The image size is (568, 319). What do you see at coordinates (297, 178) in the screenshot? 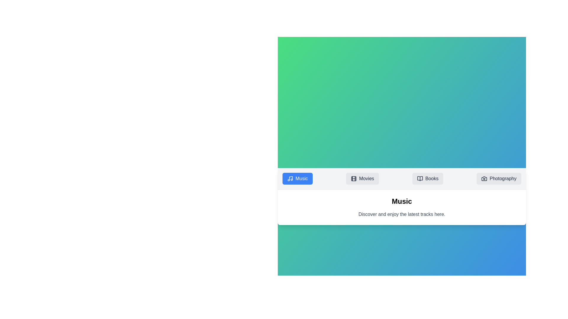
I see `the blue button labeled 'Music' with a musical note icon to initiate specific Music-related actions` at bounding box center [297, 178].